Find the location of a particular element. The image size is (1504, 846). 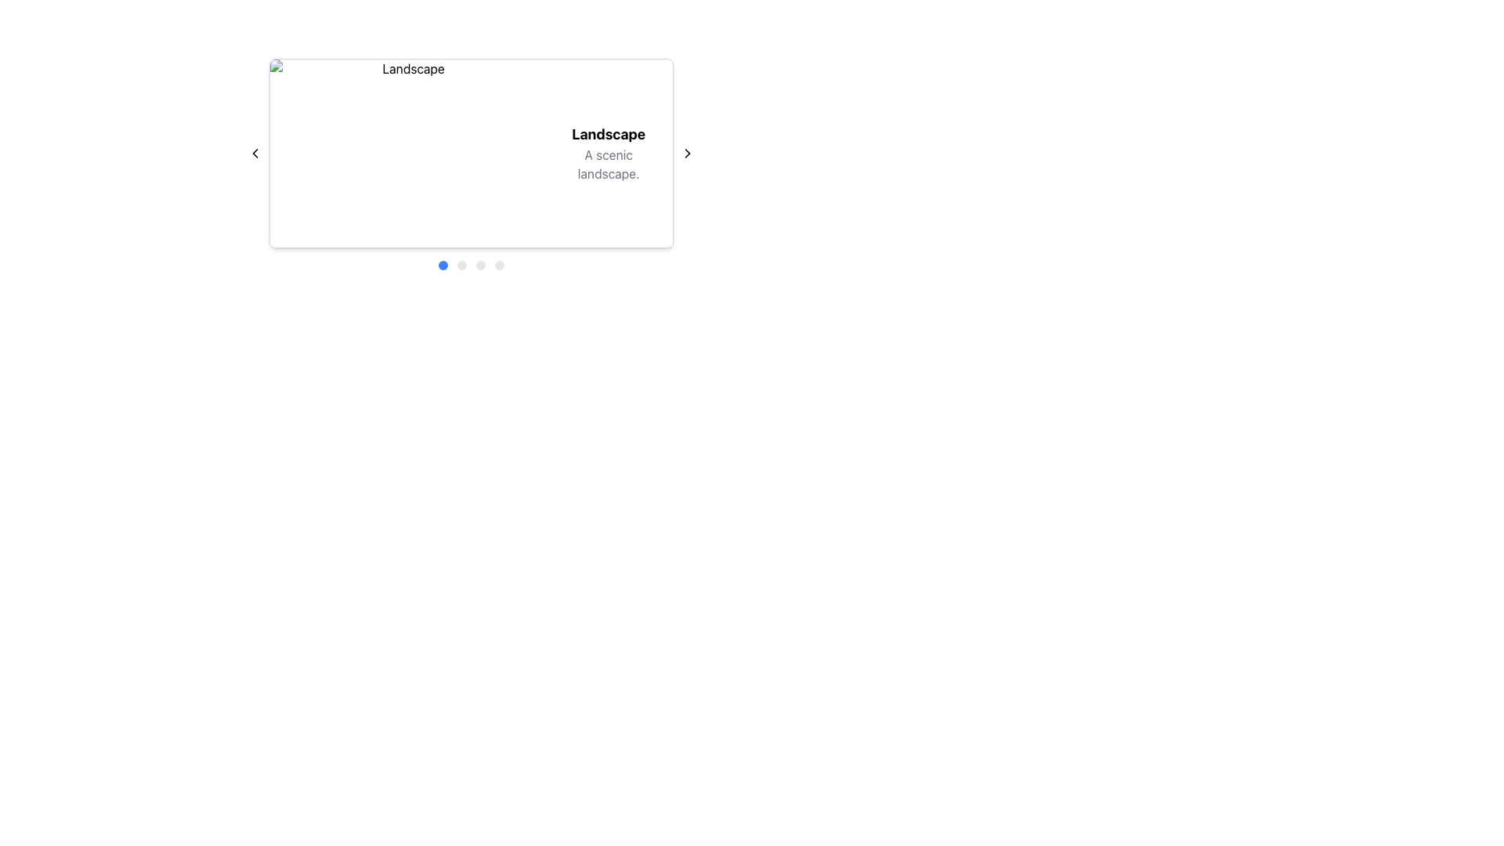

the static text element that states 'A scenic landscape.' located below the title 'Landscape' within the card component is located at coordinates (608, 164).